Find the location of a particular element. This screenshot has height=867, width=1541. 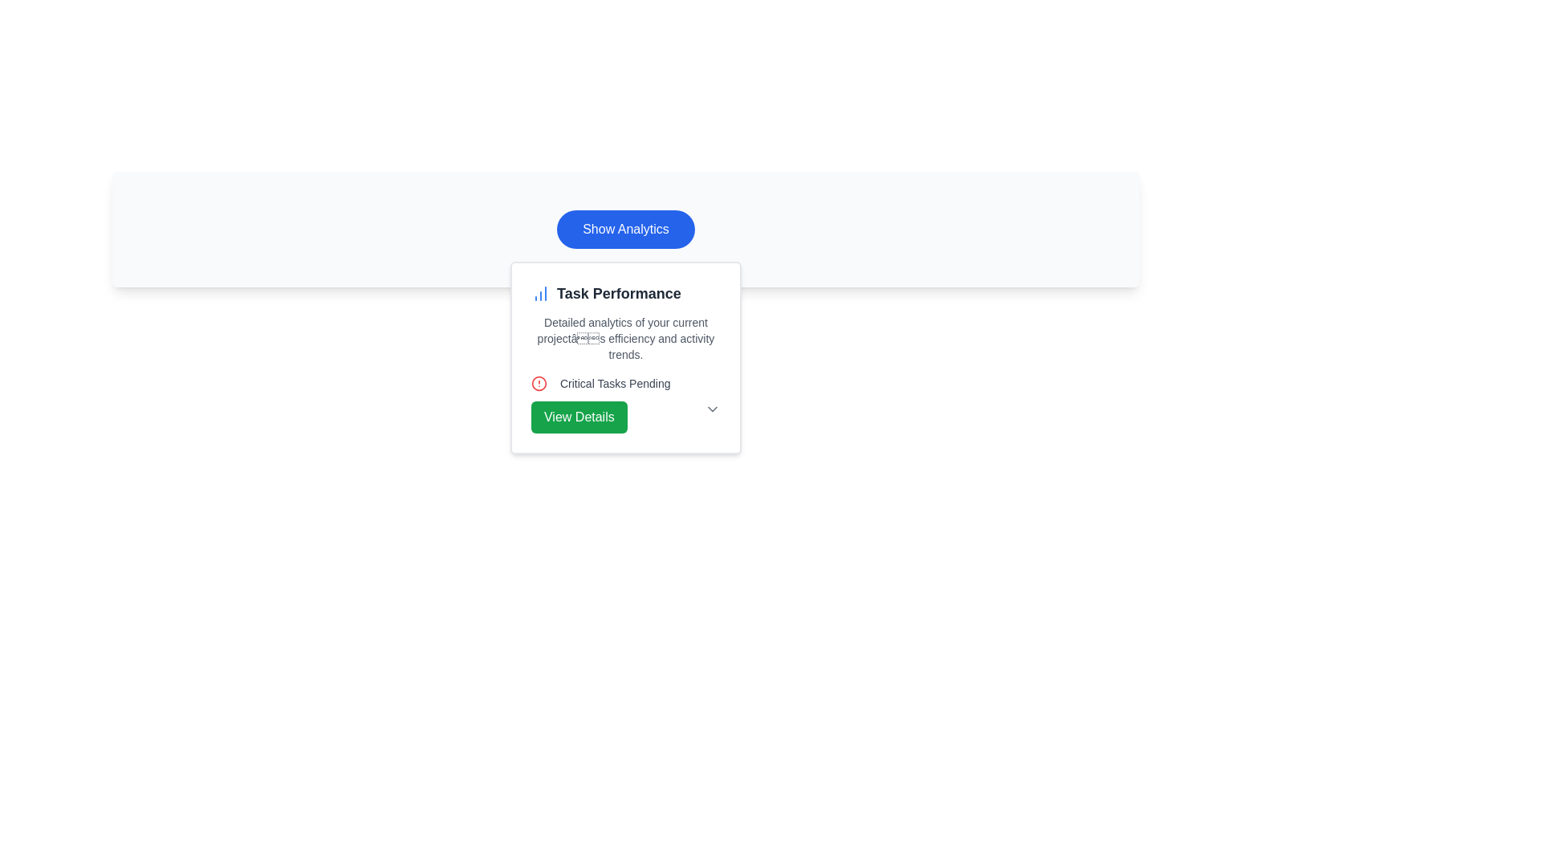

the analytics icon located within the 'Task Performance' card, positioned to the left of the 'Task Performance' text is located at coordinates (540, 294).